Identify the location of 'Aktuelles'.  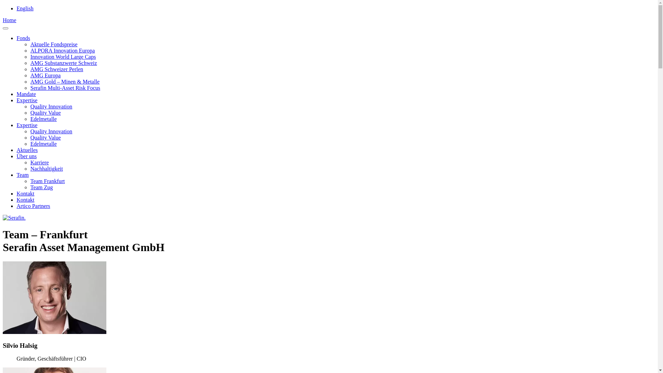
(27, 150).